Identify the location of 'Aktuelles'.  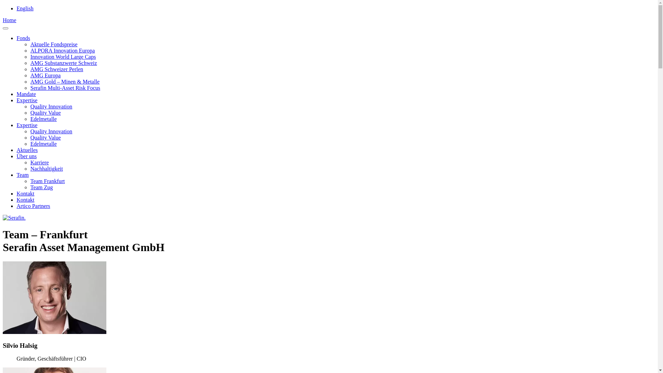
(27, 150).